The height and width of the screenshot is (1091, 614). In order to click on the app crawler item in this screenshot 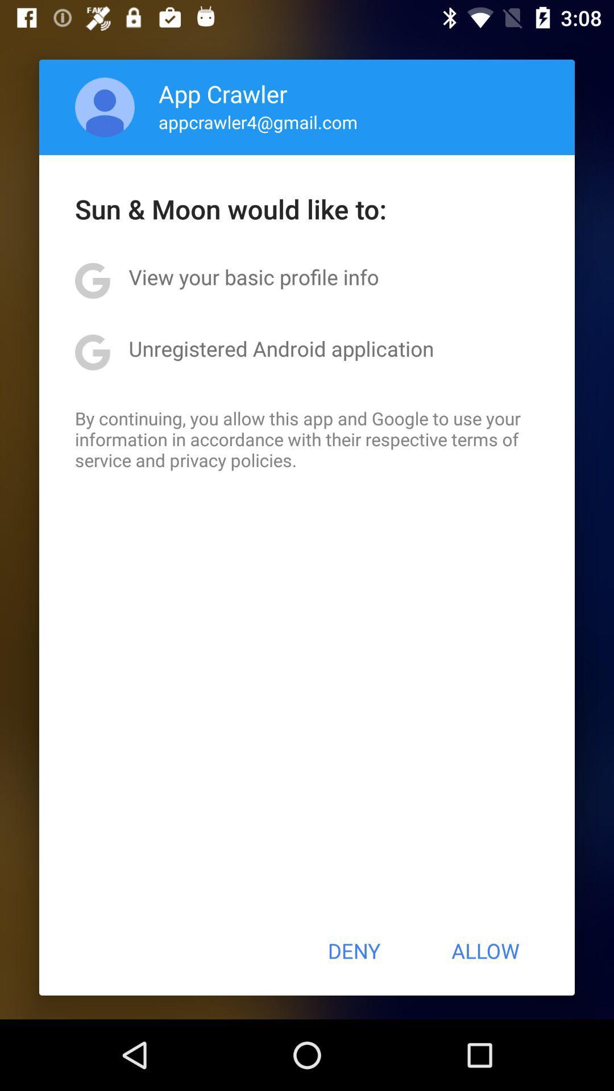, I will do `click(223, 93)`.